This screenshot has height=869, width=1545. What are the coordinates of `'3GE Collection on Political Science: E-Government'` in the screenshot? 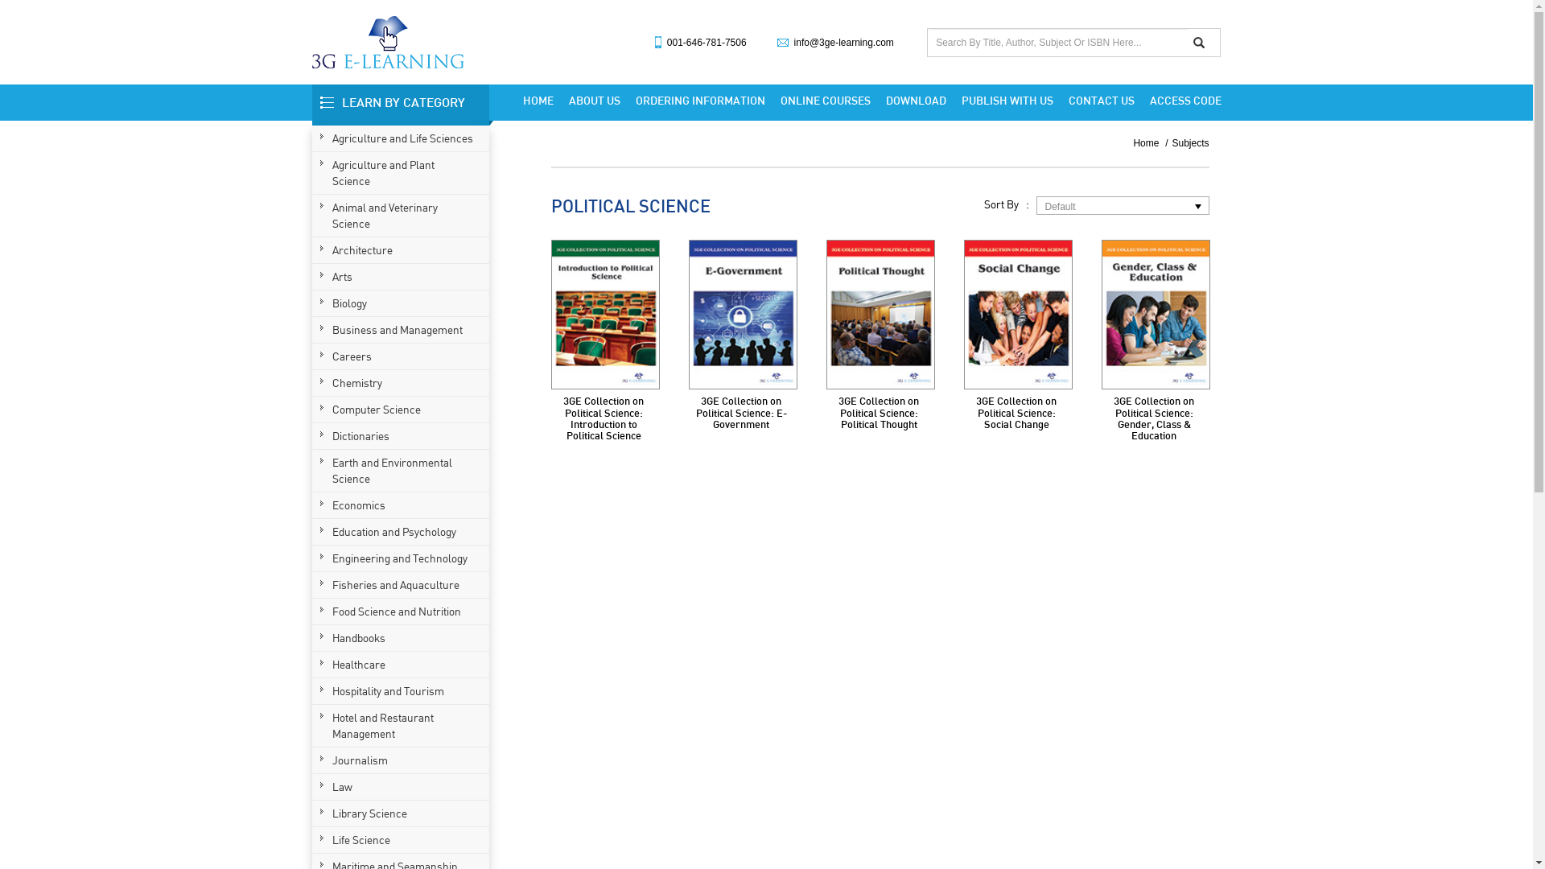 It's located at (740, 411).